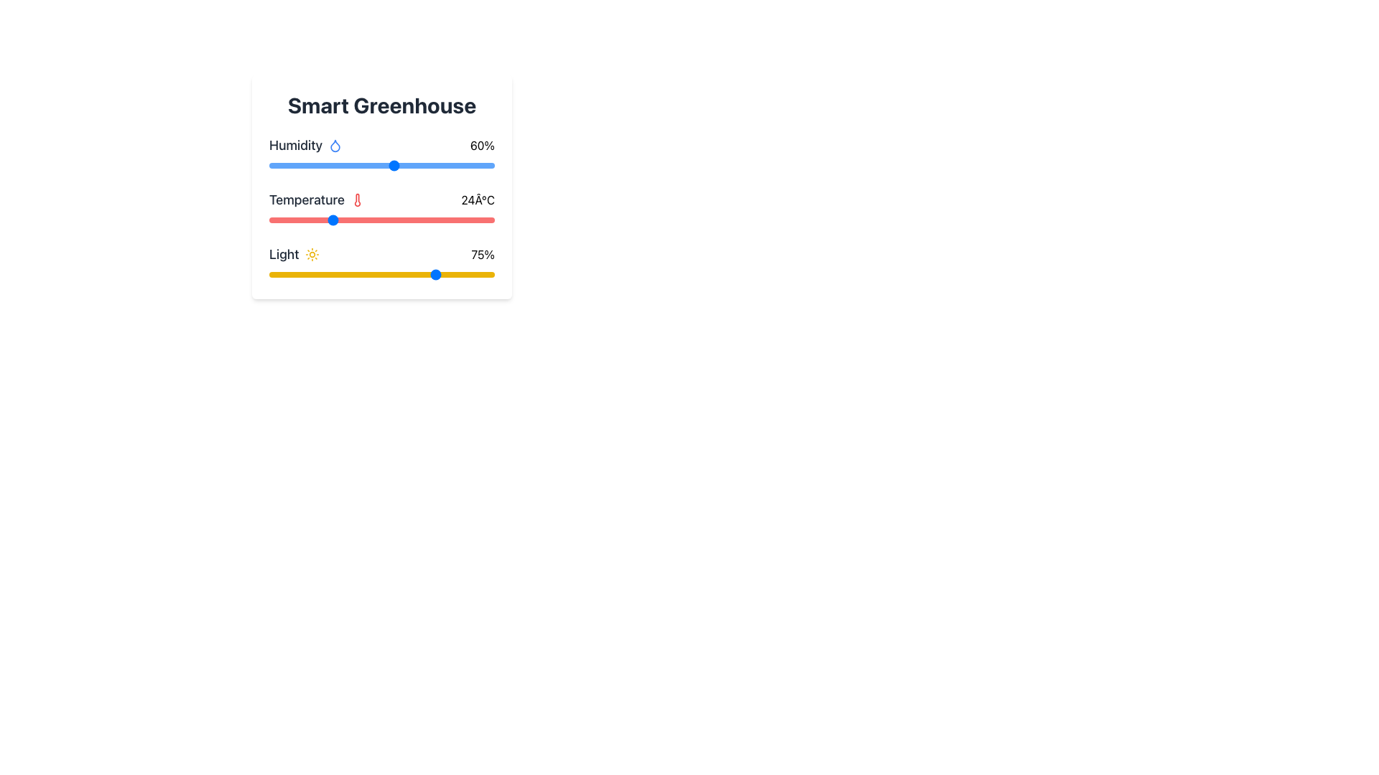  Describe the element at coordinates (328, 165) in the screenshot. I see `the Humidity slider` at that location.